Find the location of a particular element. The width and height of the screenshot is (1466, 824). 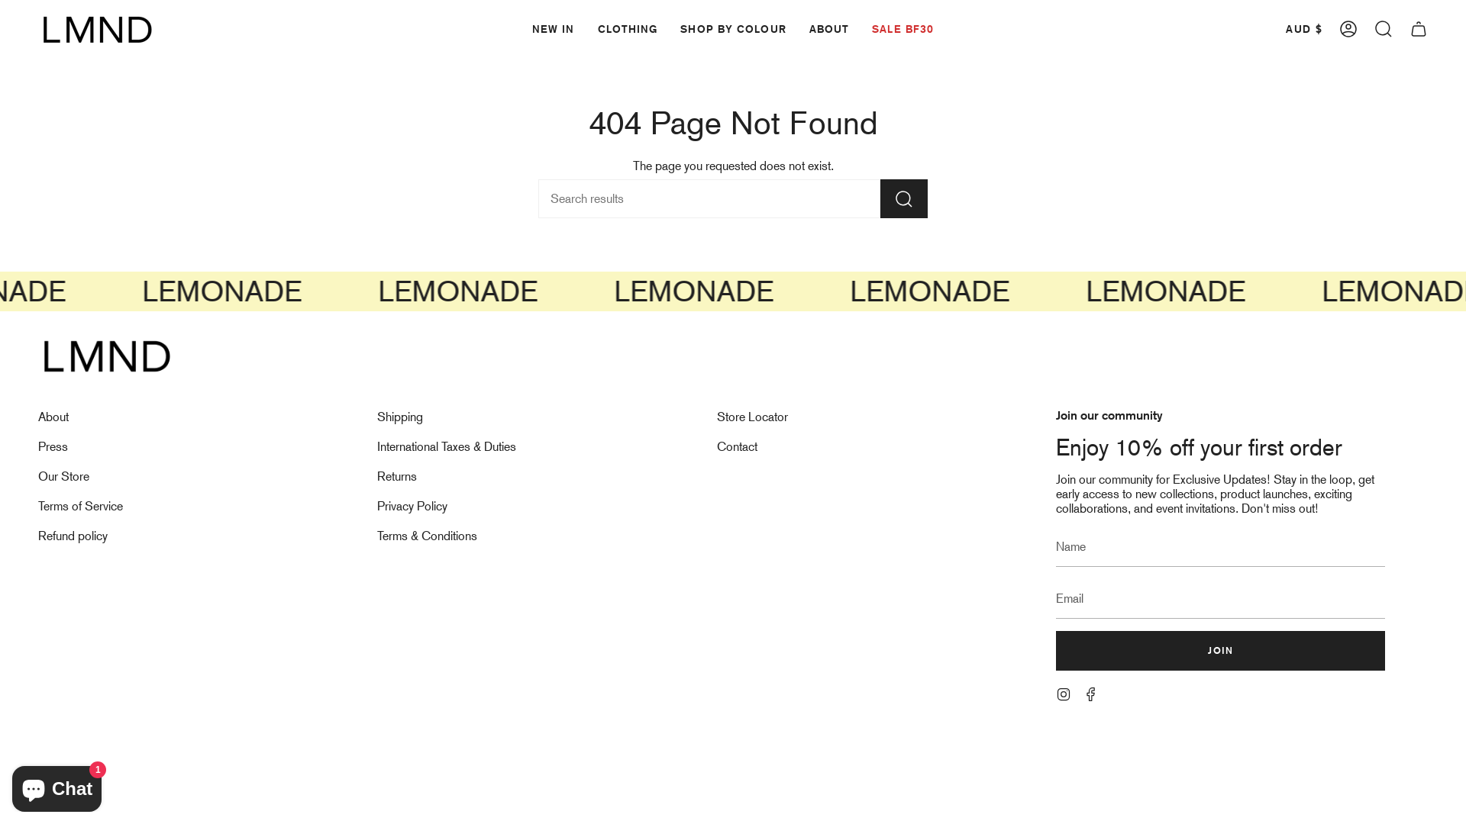

'ABOUT' is located at coordinates (828, 29).